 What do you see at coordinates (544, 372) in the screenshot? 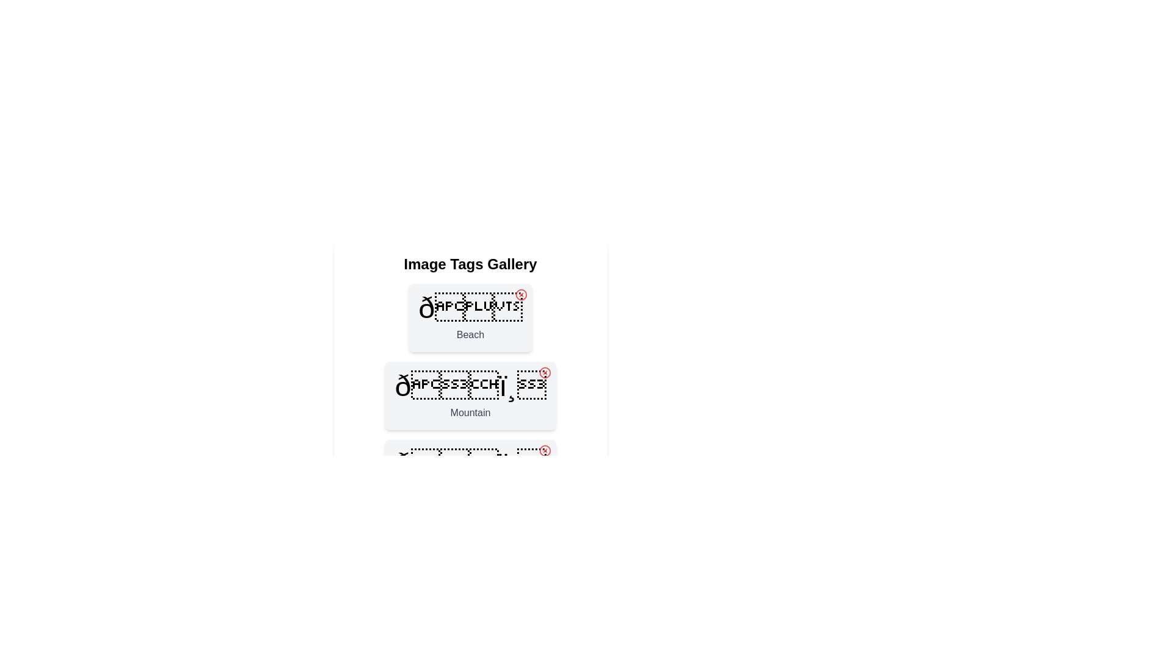
I see `close button for the tag labeled Mountain` at bounding box center [544, 372].